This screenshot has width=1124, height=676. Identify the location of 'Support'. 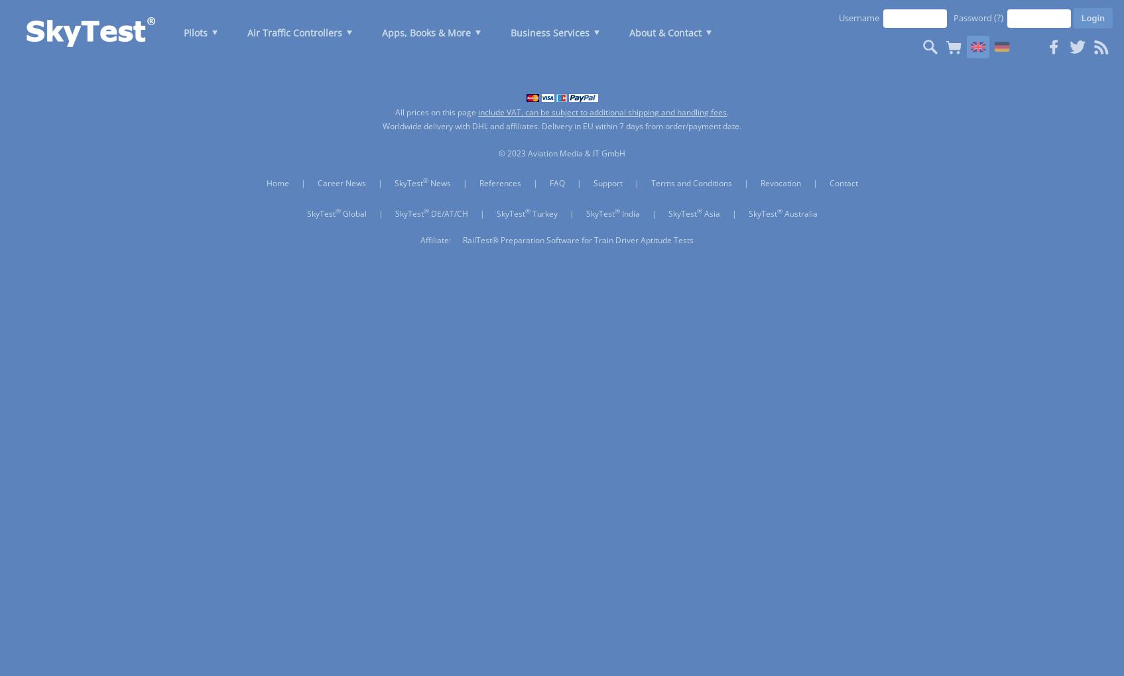
(592, 182).